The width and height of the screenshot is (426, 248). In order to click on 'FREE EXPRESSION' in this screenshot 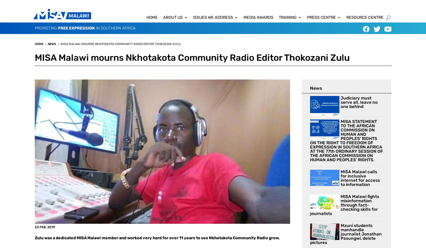, I will do `click(76, 28)`.